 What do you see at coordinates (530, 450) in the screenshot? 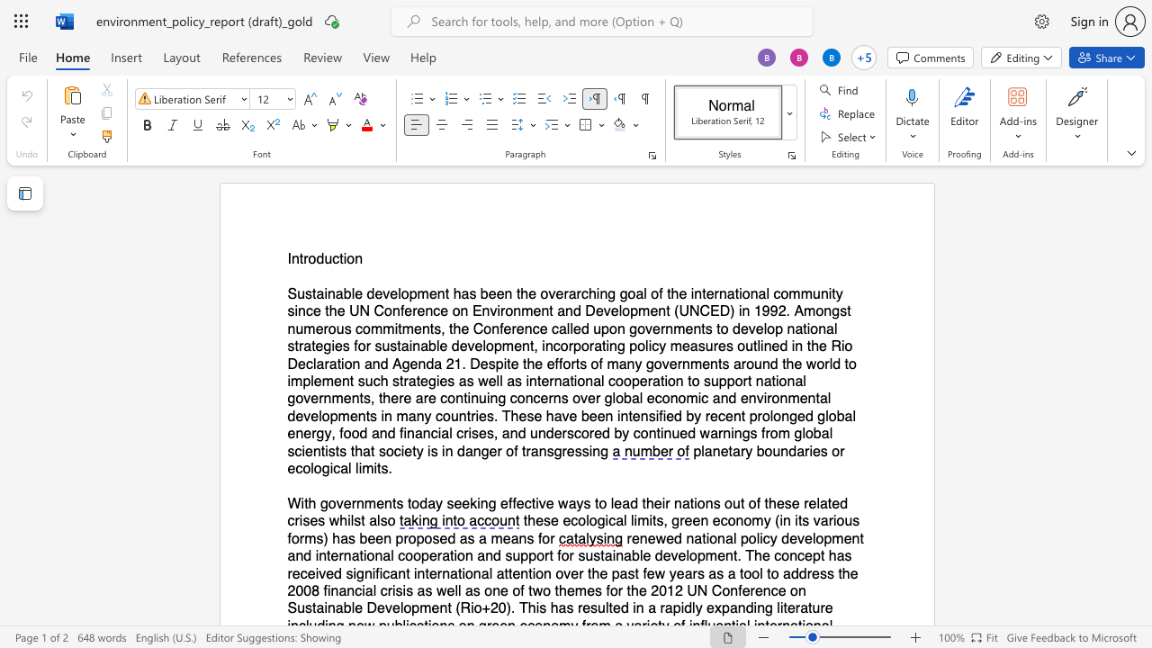
I see `the space between the continuous character "r" and "a" in the text` at bounding box center [530, 450].